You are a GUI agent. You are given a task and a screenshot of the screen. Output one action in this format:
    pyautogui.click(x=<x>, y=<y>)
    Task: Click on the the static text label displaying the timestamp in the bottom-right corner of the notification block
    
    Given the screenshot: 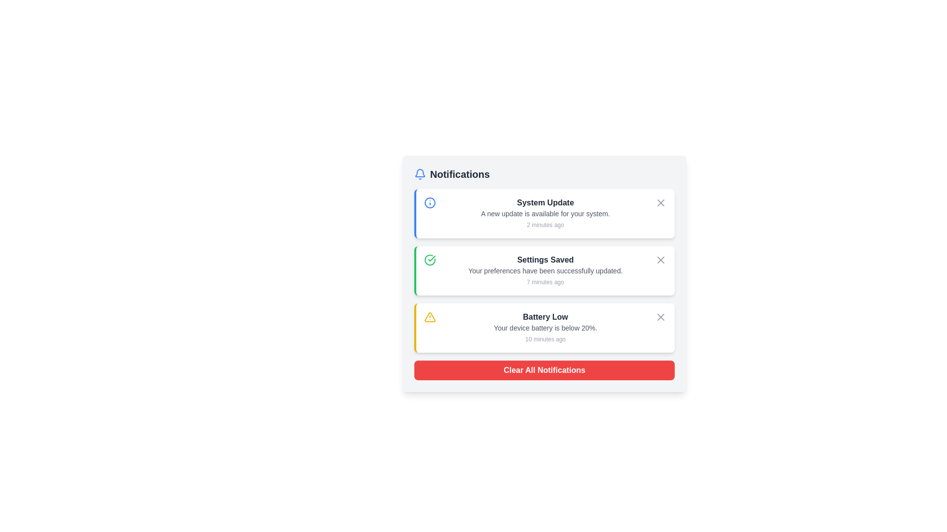 What is the action you would take?
    pyautogui.click(x=545, y=282)
    